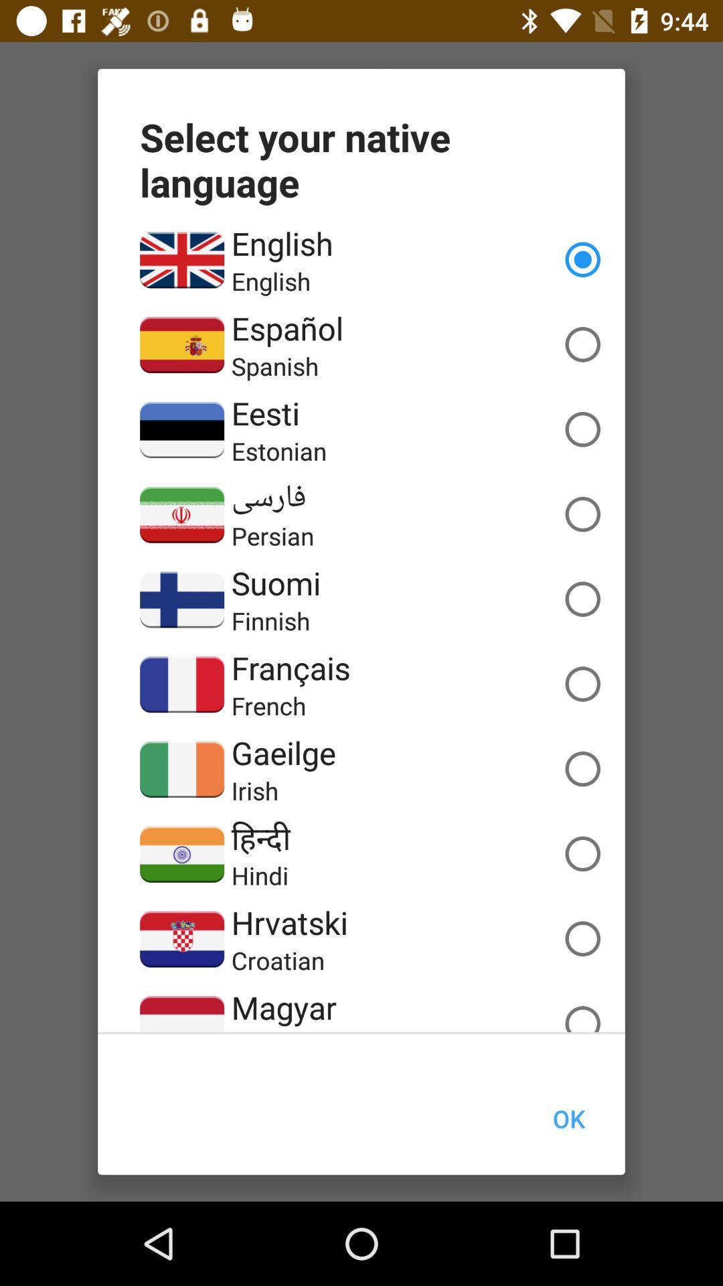  Describe the element at coordinates (265, 412) in the screenshot. I see `icon above the estonian` at that location.